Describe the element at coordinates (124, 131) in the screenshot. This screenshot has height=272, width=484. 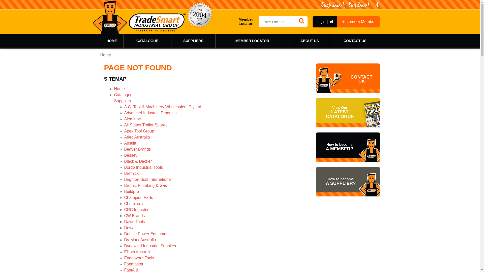
I see `'Apex Tool Group'` at that location.